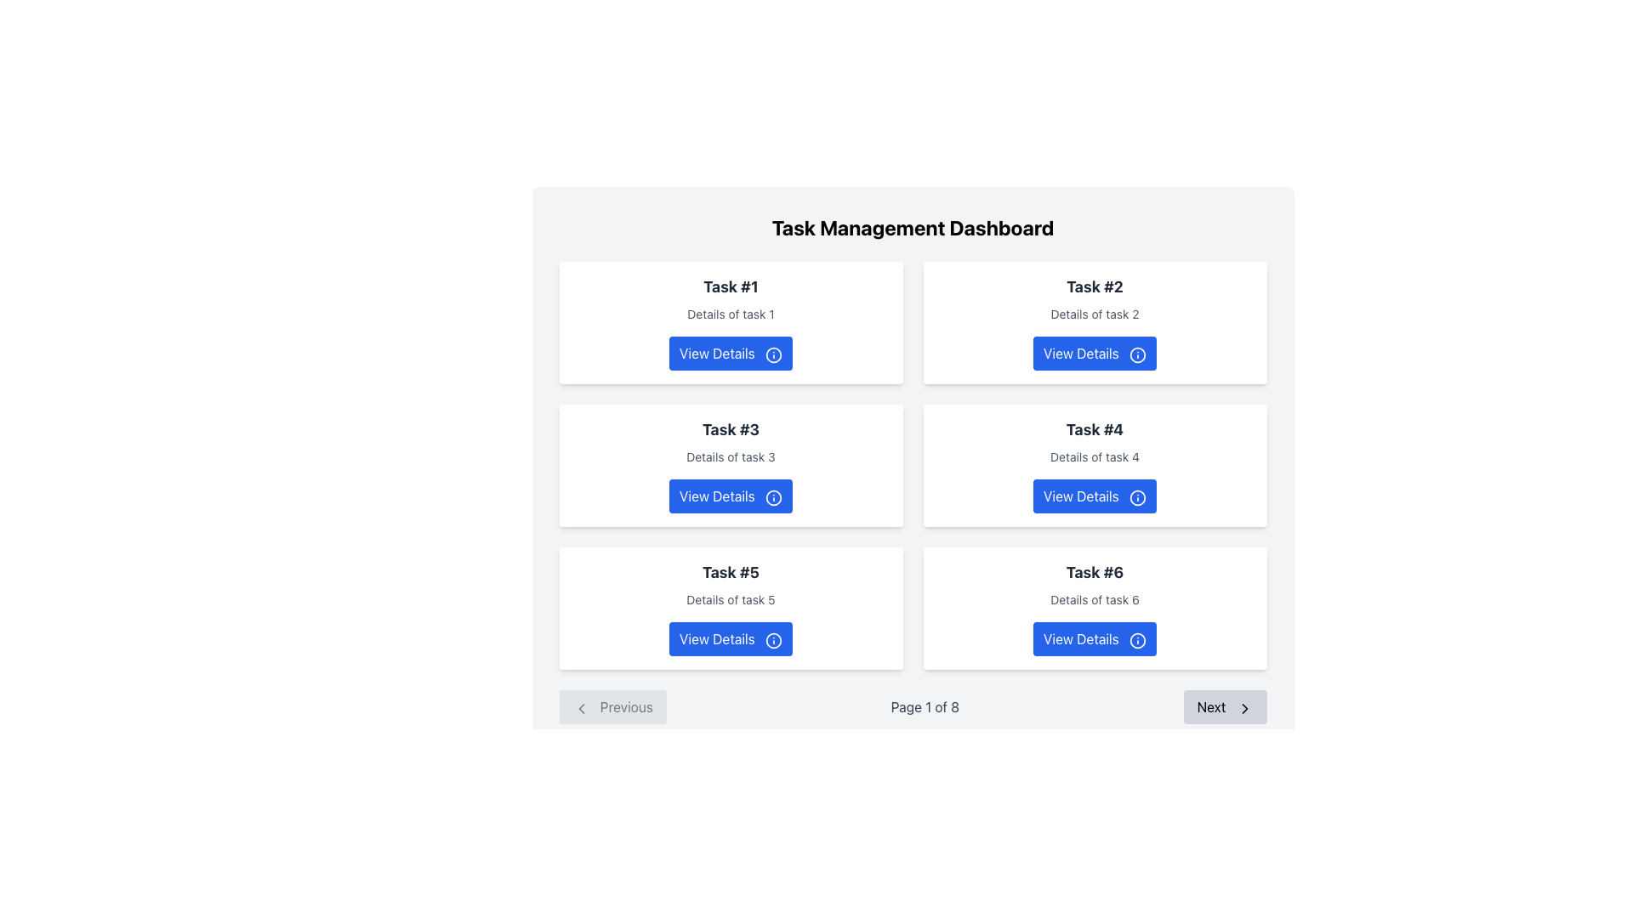 Image resolution: width=1633 pixels, height=918 pixels. I want to click on the text label stating 'Details of task 1', which is styled in light gray and positioned below the title 'Task #1' and above the 'View Details' button, so click(731, 314).